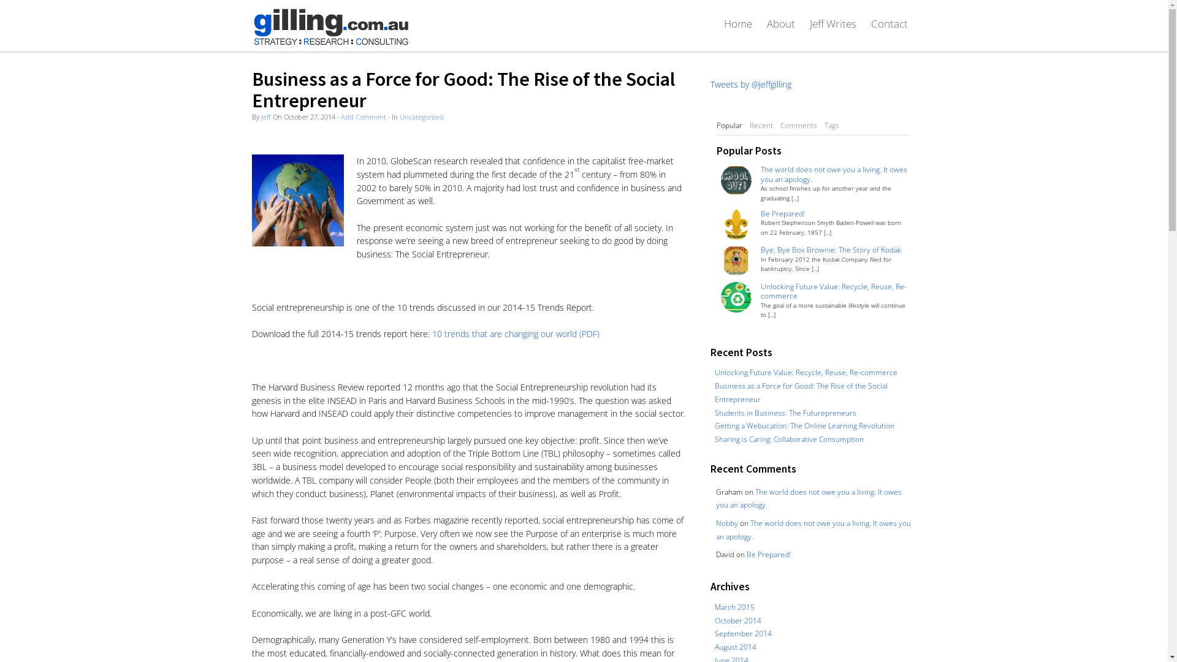 The image size is (1177, 662). What do you see at coordinates (737, 620) in the screenshot?
I see `'October 2014'` at bounding box center [737, 620].